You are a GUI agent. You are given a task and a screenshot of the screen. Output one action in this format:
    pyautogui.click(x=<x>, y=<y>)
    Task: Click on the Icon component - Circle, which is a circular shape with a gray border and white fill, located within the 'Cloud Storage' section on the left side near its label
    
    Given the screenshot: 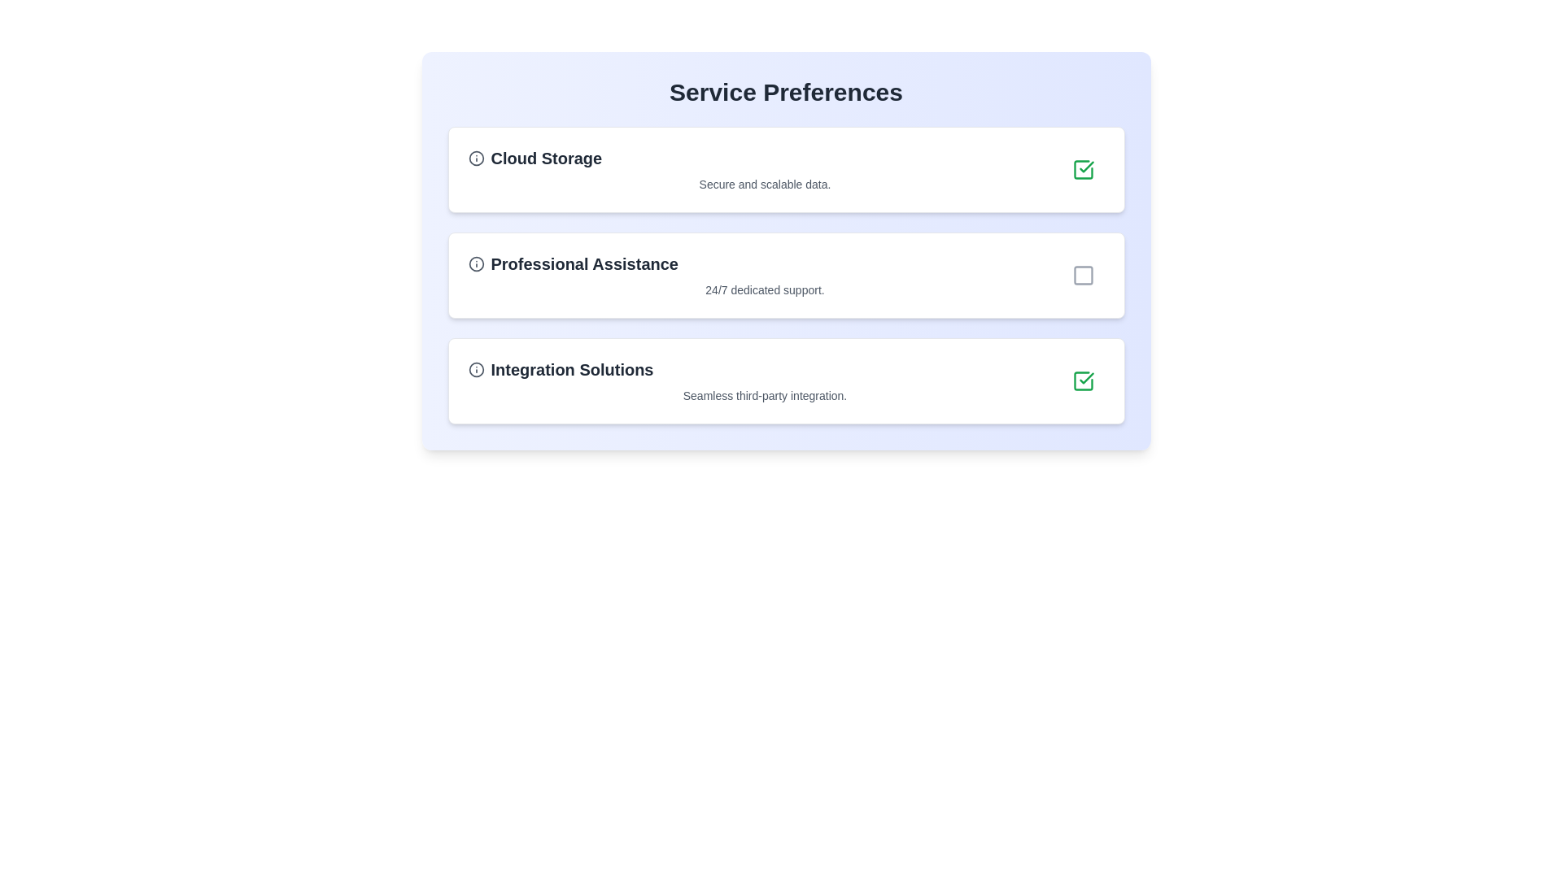 What is the action you would take?
    pyautogui.click(x=475, y=159)
    